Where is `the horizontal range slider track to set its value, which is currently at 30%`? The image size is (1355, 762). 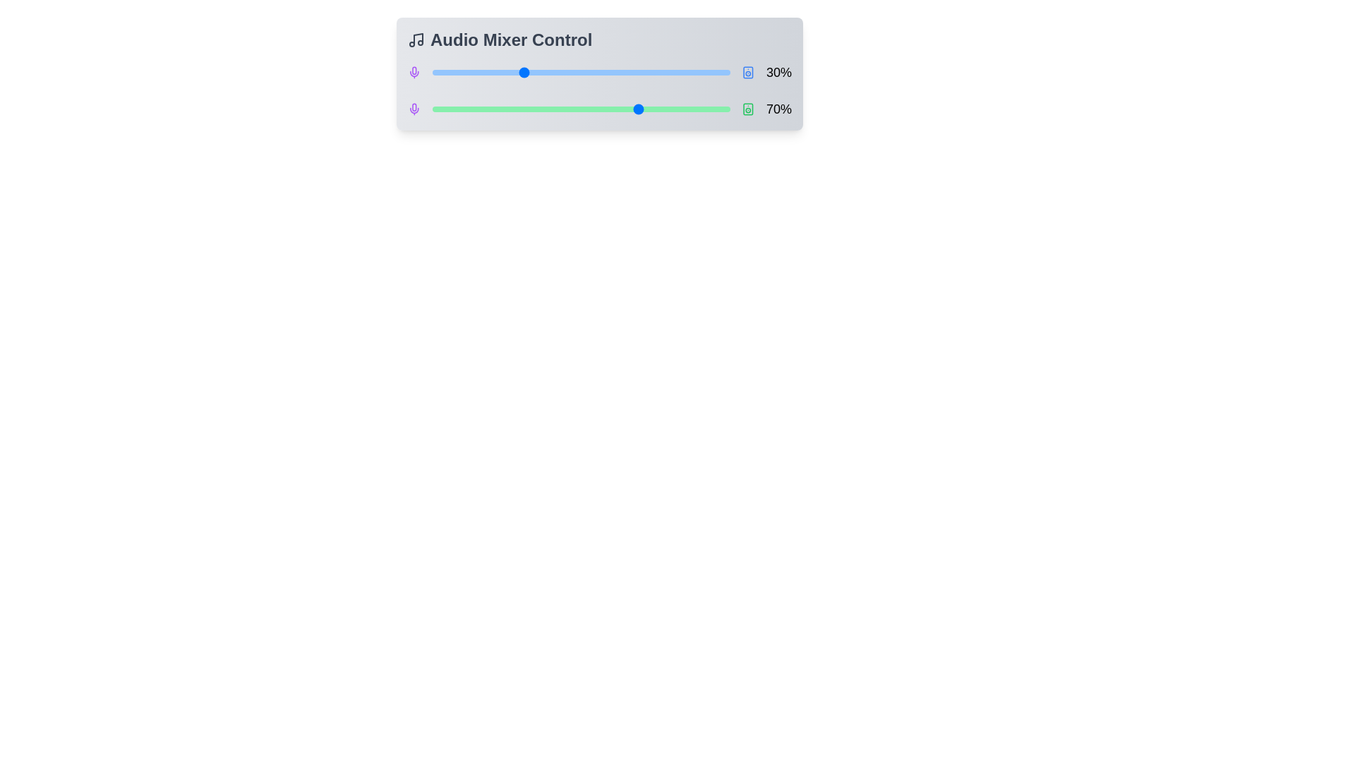 the horizontal range slider track to set its value, which is currently at 30% is located at coordinates (582, 73).